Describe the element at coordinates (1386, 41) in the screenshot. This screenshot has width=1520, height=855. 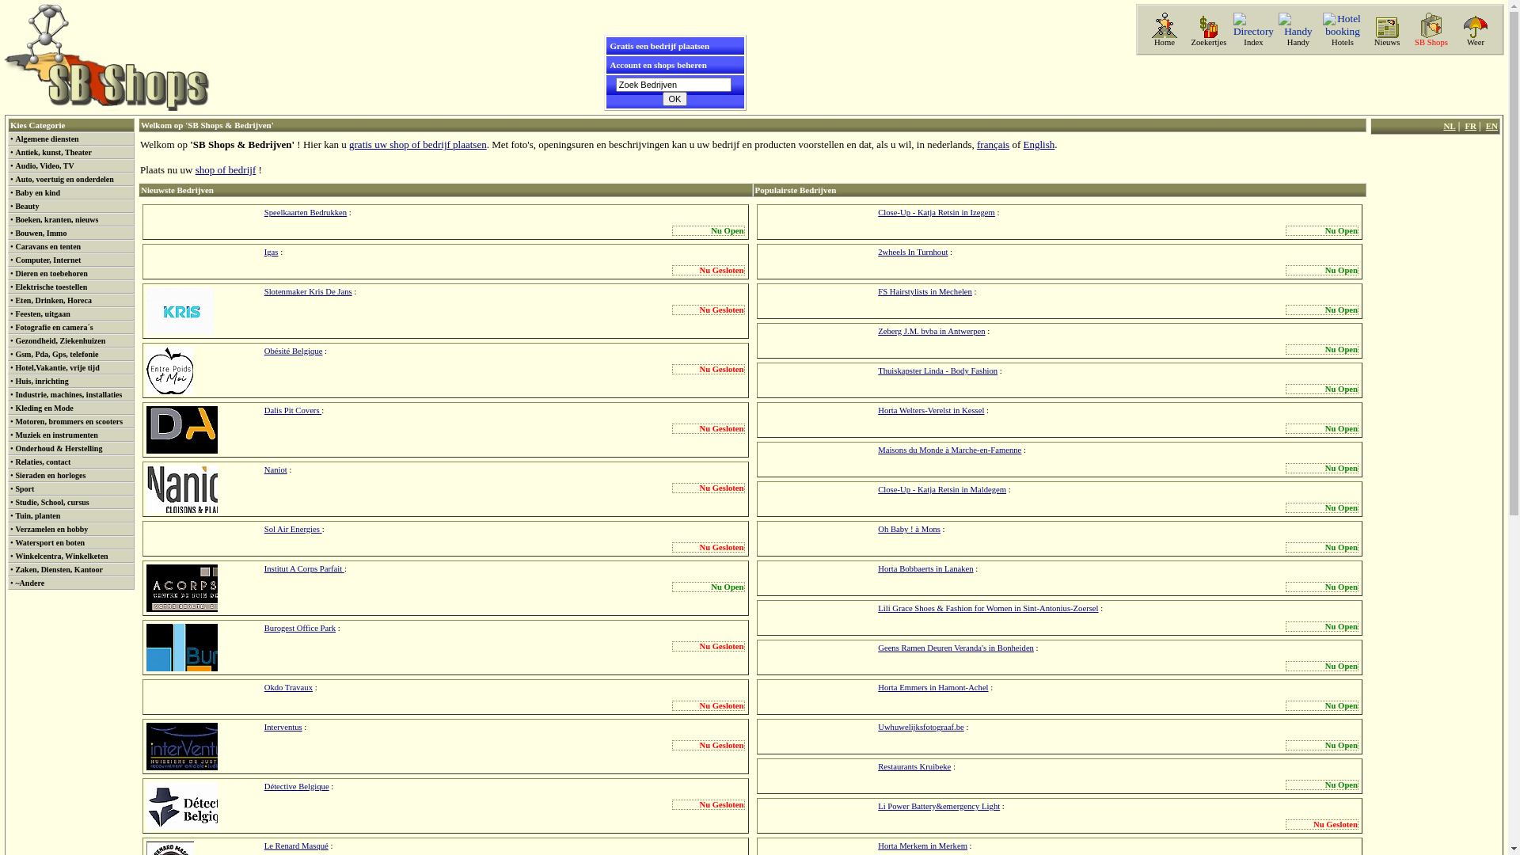
I see `'Nieuws'` at that location.